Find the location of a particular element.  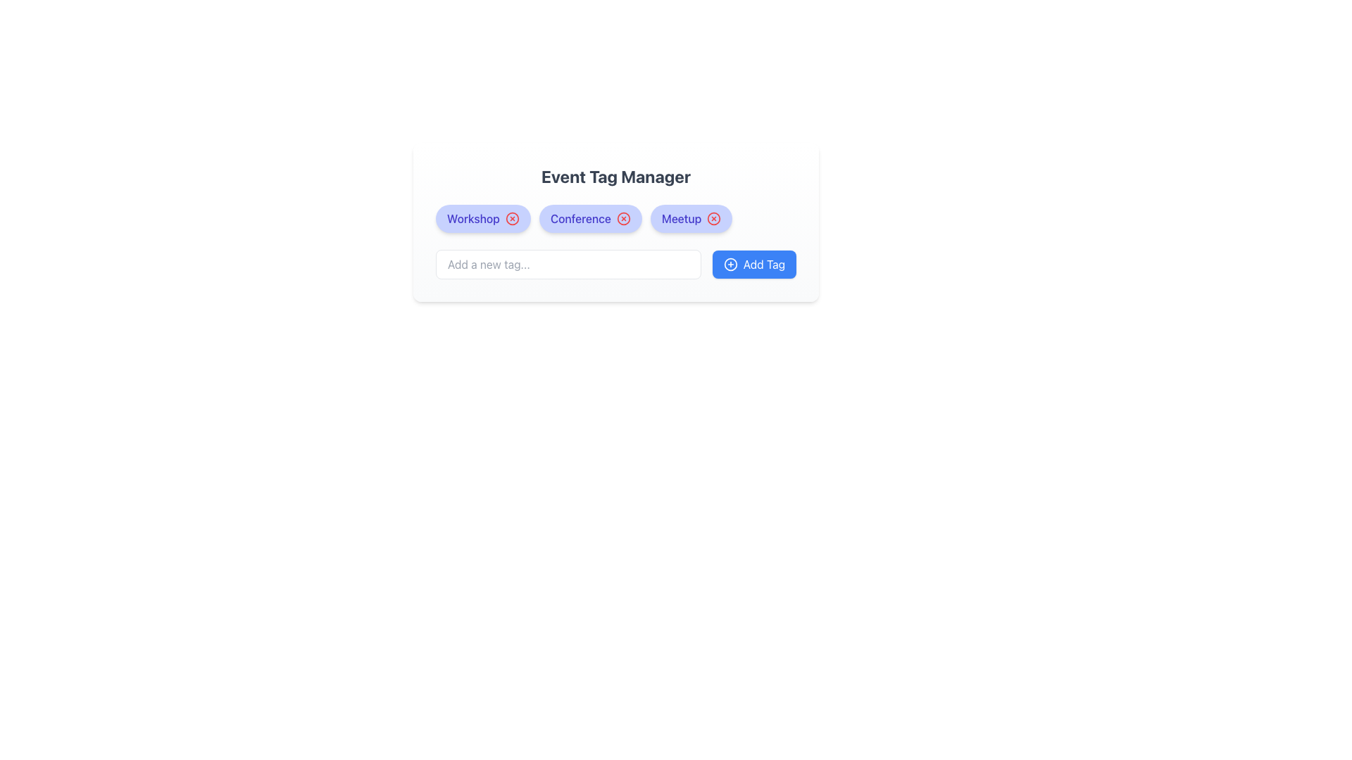

the circular vector graphic located inside the close button next to the 'Workshop' tag is located at coordinates (511, 219).